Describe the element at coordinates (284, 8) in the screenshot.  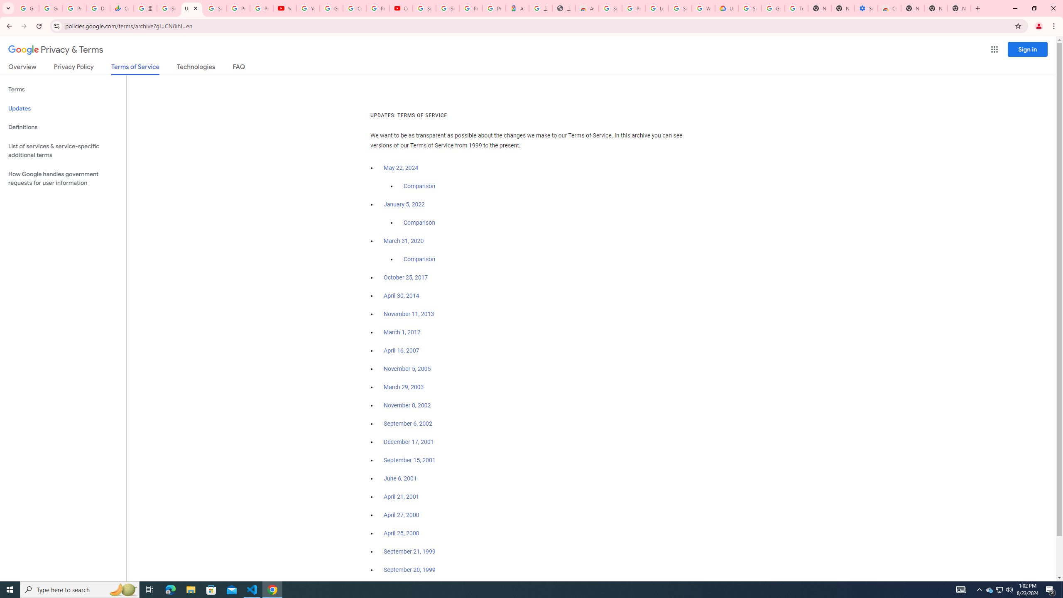
I see `'YouTube'` at that location.